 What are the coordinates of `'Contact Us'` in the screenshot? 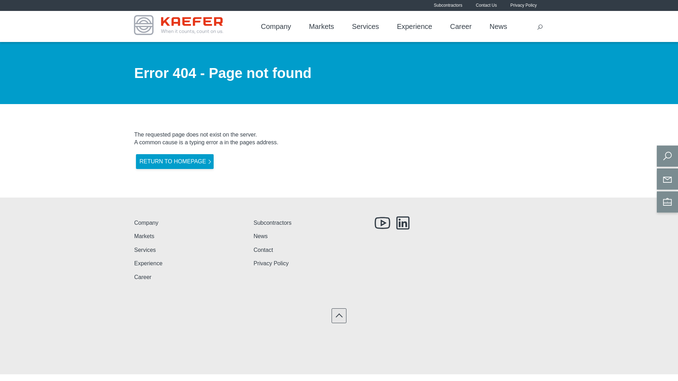 It's located at (476, 5).